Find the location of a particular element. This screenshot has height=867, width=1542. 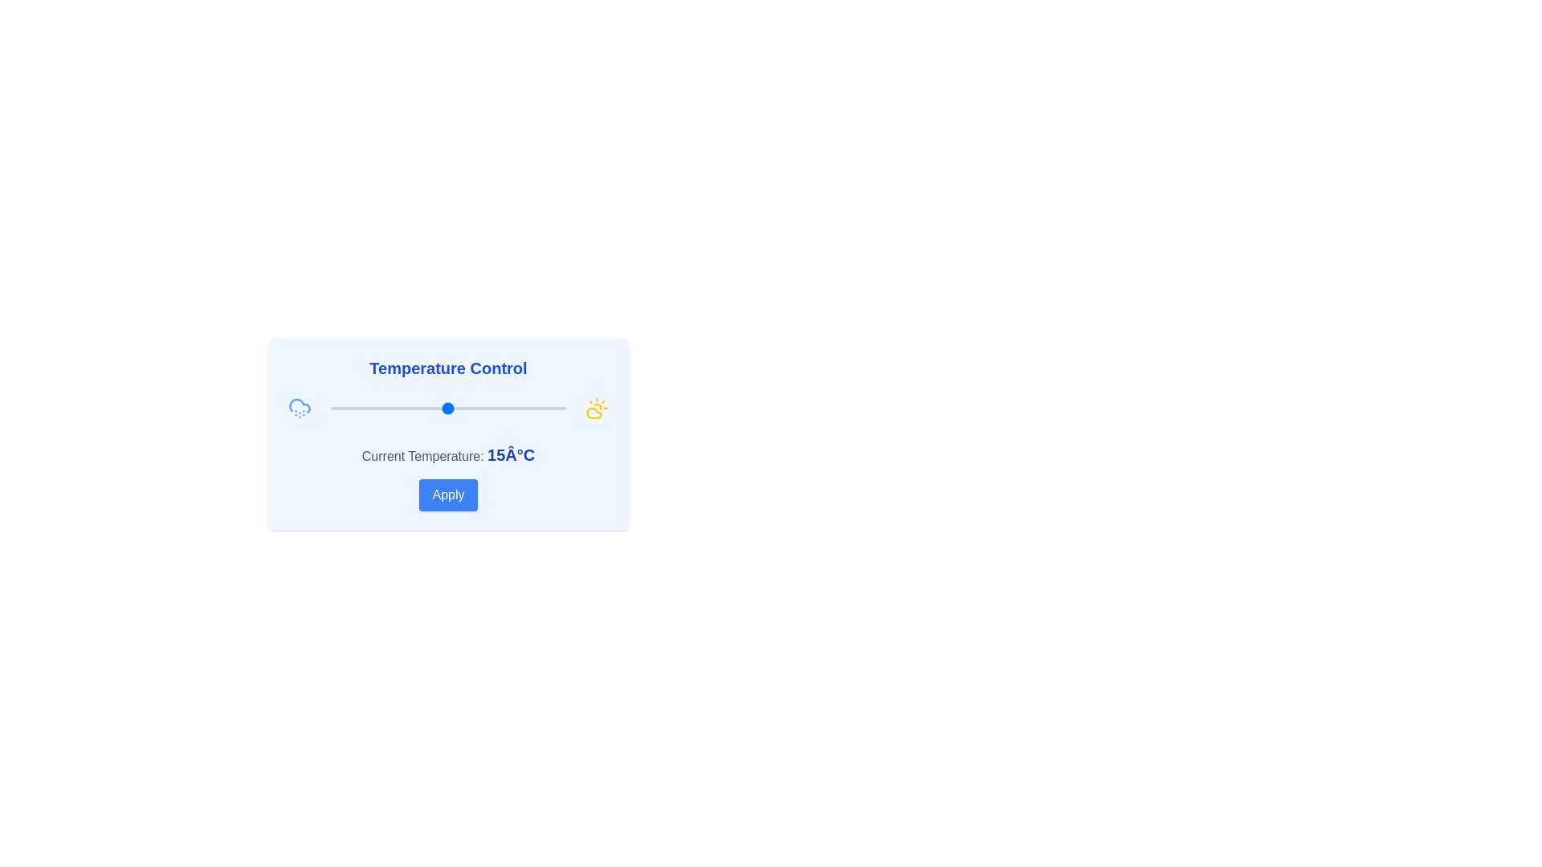

the CloudSun icon to select the corresponding weather state is located at coordinates (596, 408).